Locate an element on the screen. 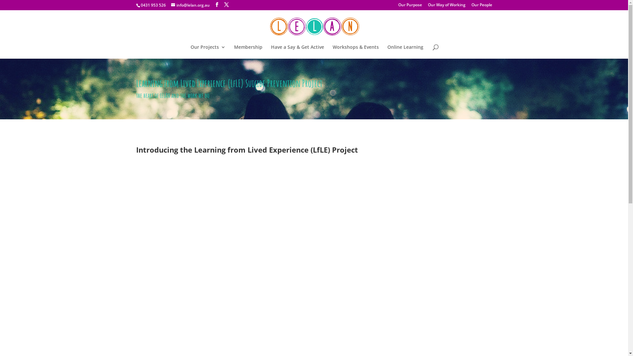 This screenshot has height=356, width=633. 'Our Purpose' is located at coordinates (409, 6).